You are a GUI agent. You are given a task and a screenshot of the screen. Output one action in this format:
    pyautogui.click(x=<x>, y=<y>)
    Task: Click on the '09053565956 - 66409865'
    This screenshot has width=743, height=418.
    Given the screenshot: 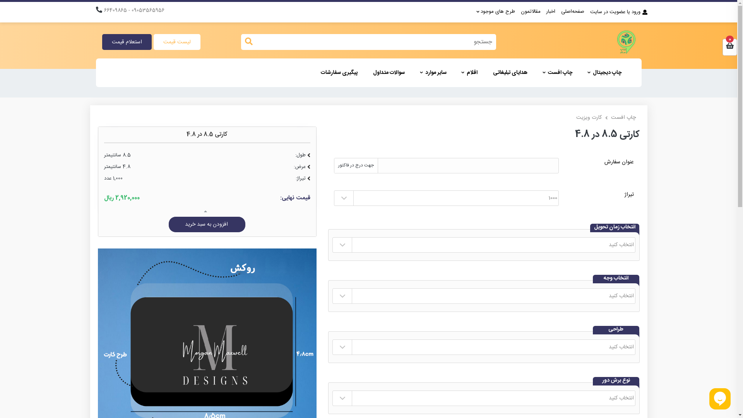 What is the action you would take?
    pyautogui.click(x=134, y=10)
    